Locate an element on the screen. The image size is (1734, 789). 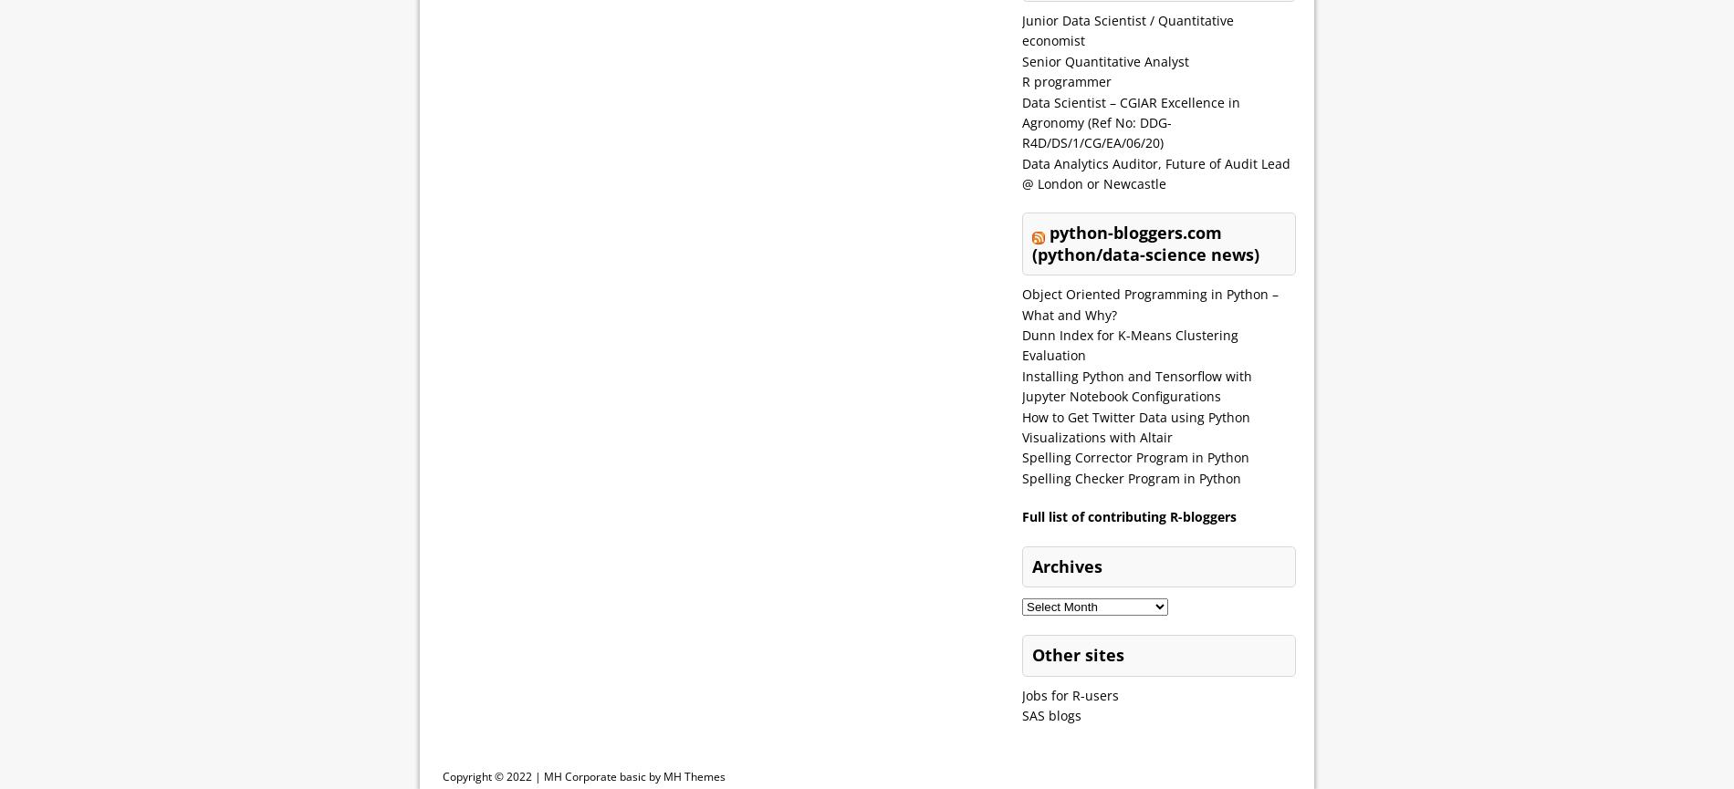
'Copyright © 2022 |' is located at coordinates (493, 774).